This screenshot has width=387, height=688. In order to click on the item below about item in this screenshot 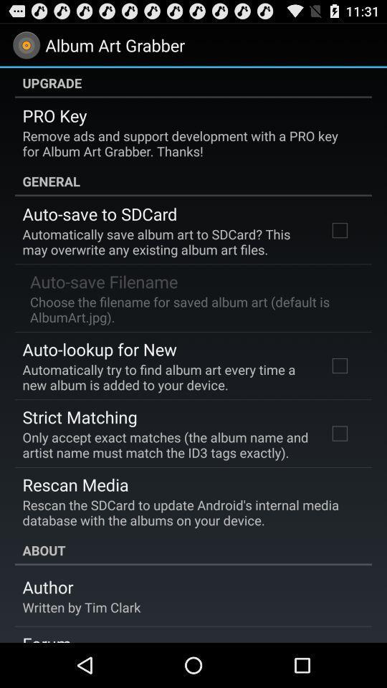, I will do `click(47, 587)`.